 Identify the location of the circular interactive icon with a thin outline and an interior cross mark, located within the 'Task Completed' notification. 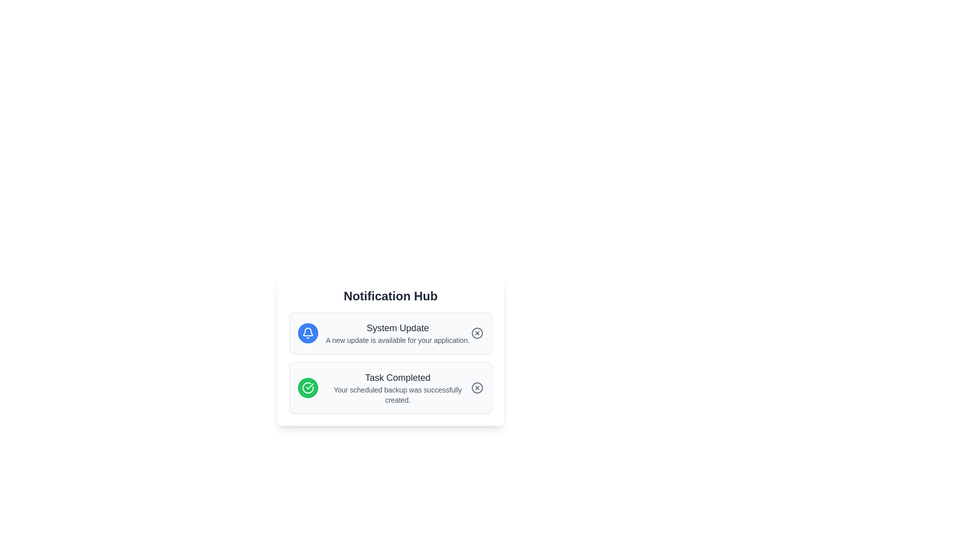
(476, 387).